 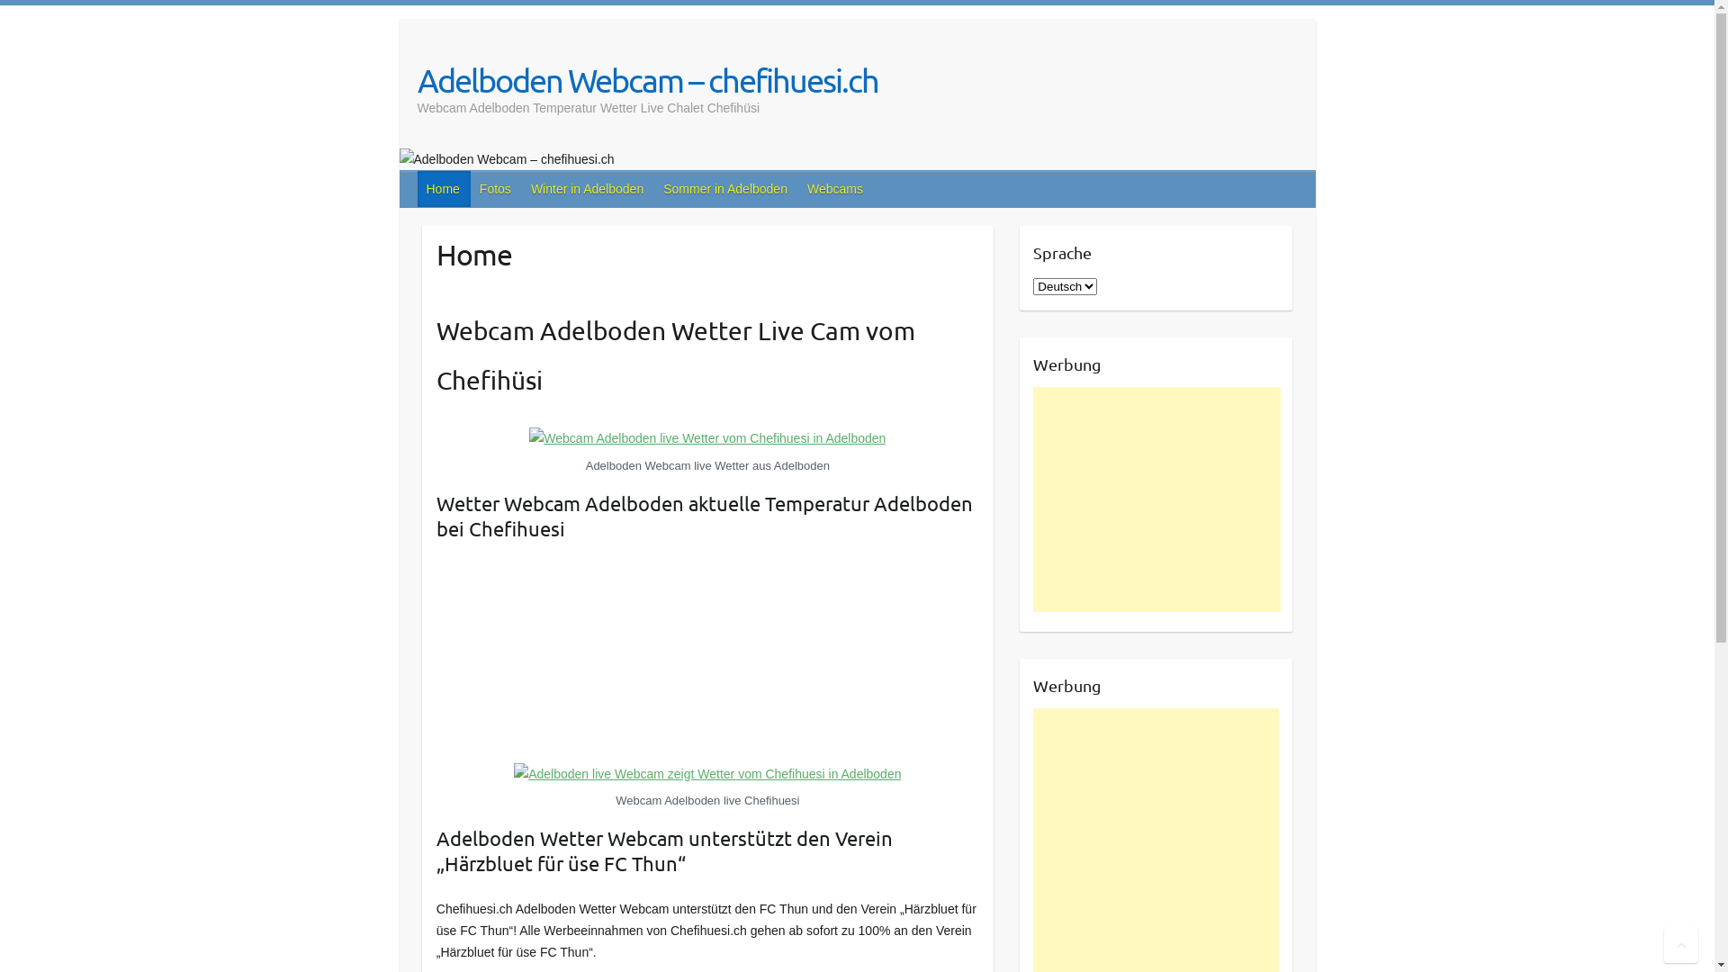 I want to click on 'Home', so click(x=444, y=188).